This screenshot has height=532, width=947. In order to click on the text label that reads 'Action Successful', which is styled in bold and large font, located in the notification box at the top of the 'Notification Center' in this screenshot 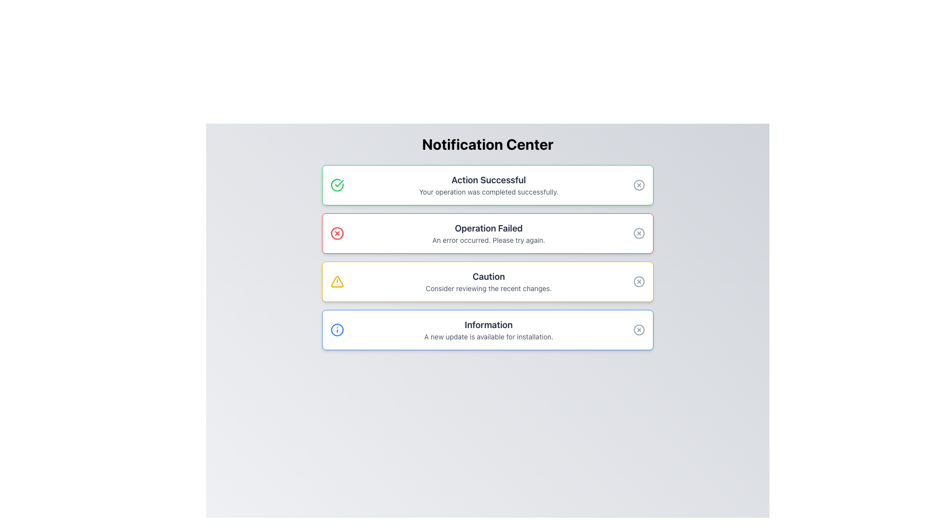, I will do `click(488, 180)`.